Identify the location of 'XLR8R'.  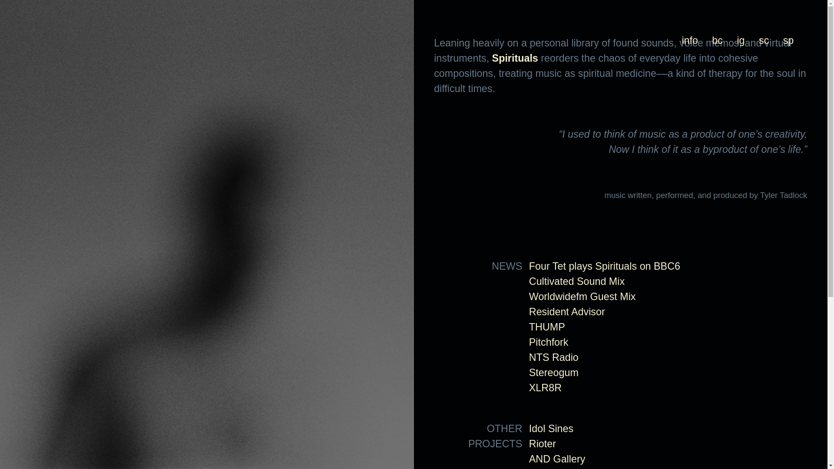
(545, 388).